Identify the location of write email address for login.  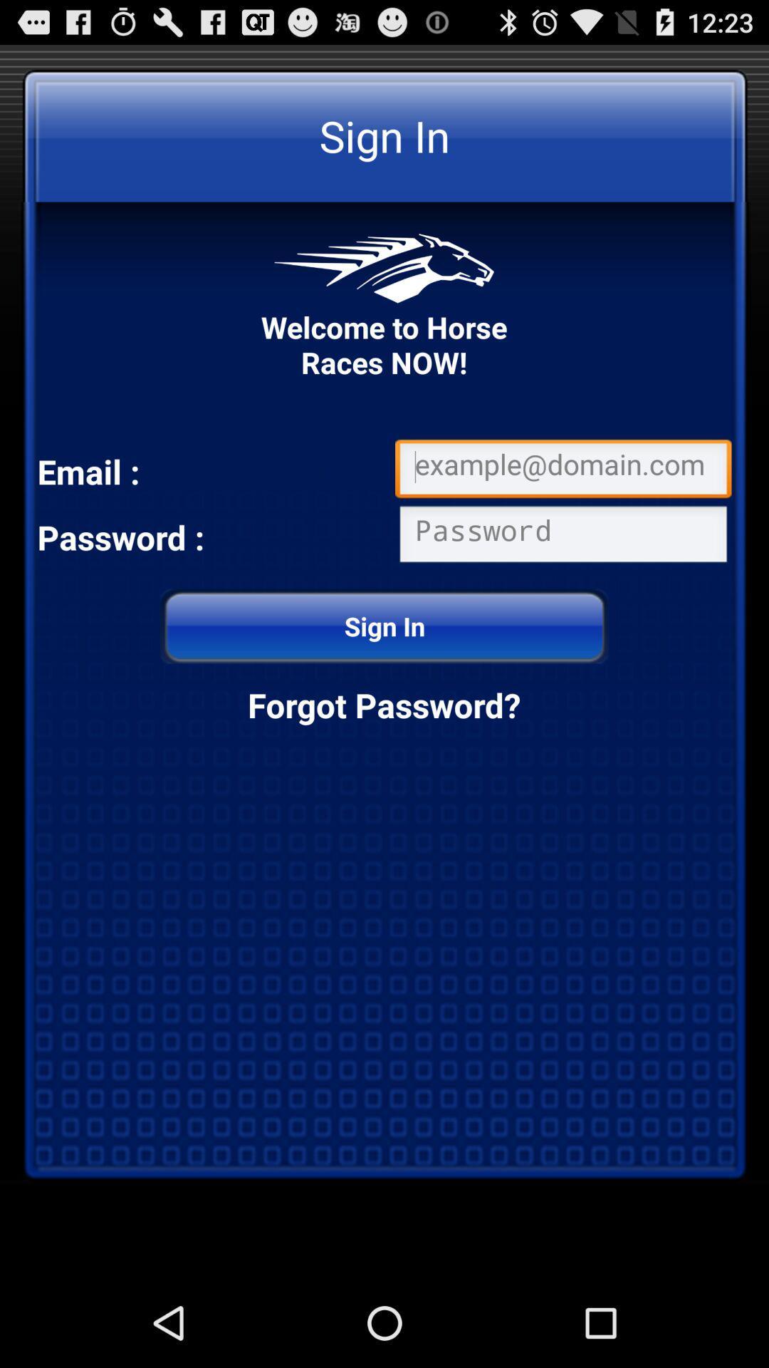
(563, 471).